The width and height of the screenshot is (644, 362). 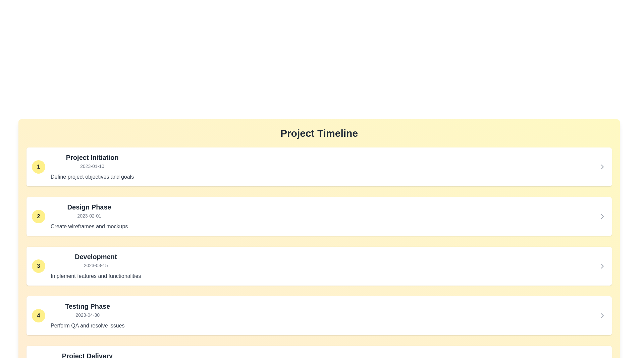 What do you see at coordinates (92, 177) in the screenshot?
I see `text content 'Define project objectives and goals' from the text component styled in gray font and normal-weight sans-serif typeface, located below the subheading 'Project Initiation' and the date '2023-01-10'` at bounding box center [92, 177].